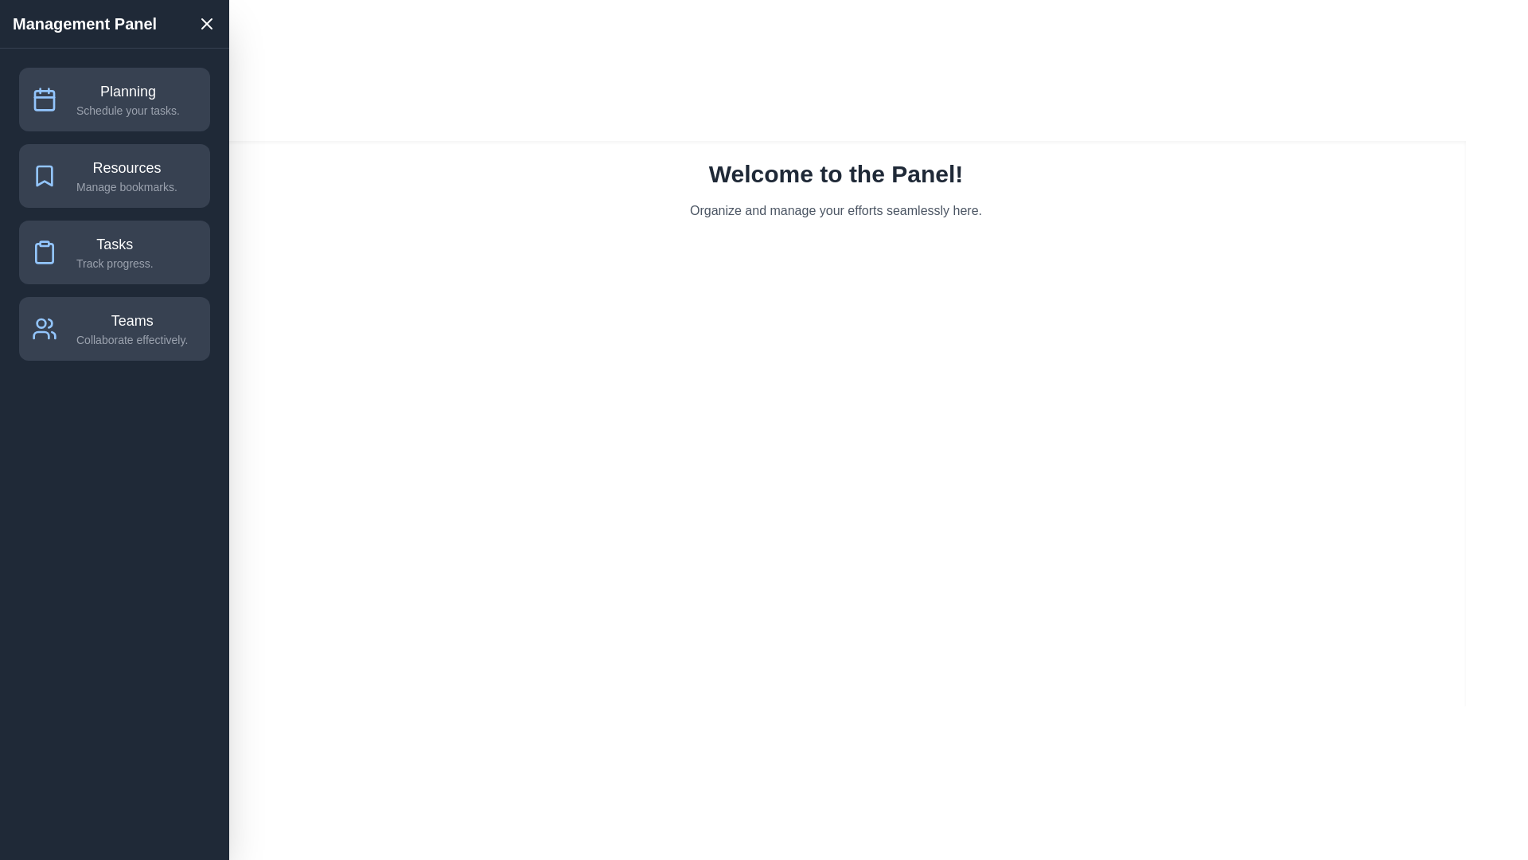  Describe the element at coordinates (114, 175) in the screenshot. I see `the menu item Resources to observe its hover effect` at that location.